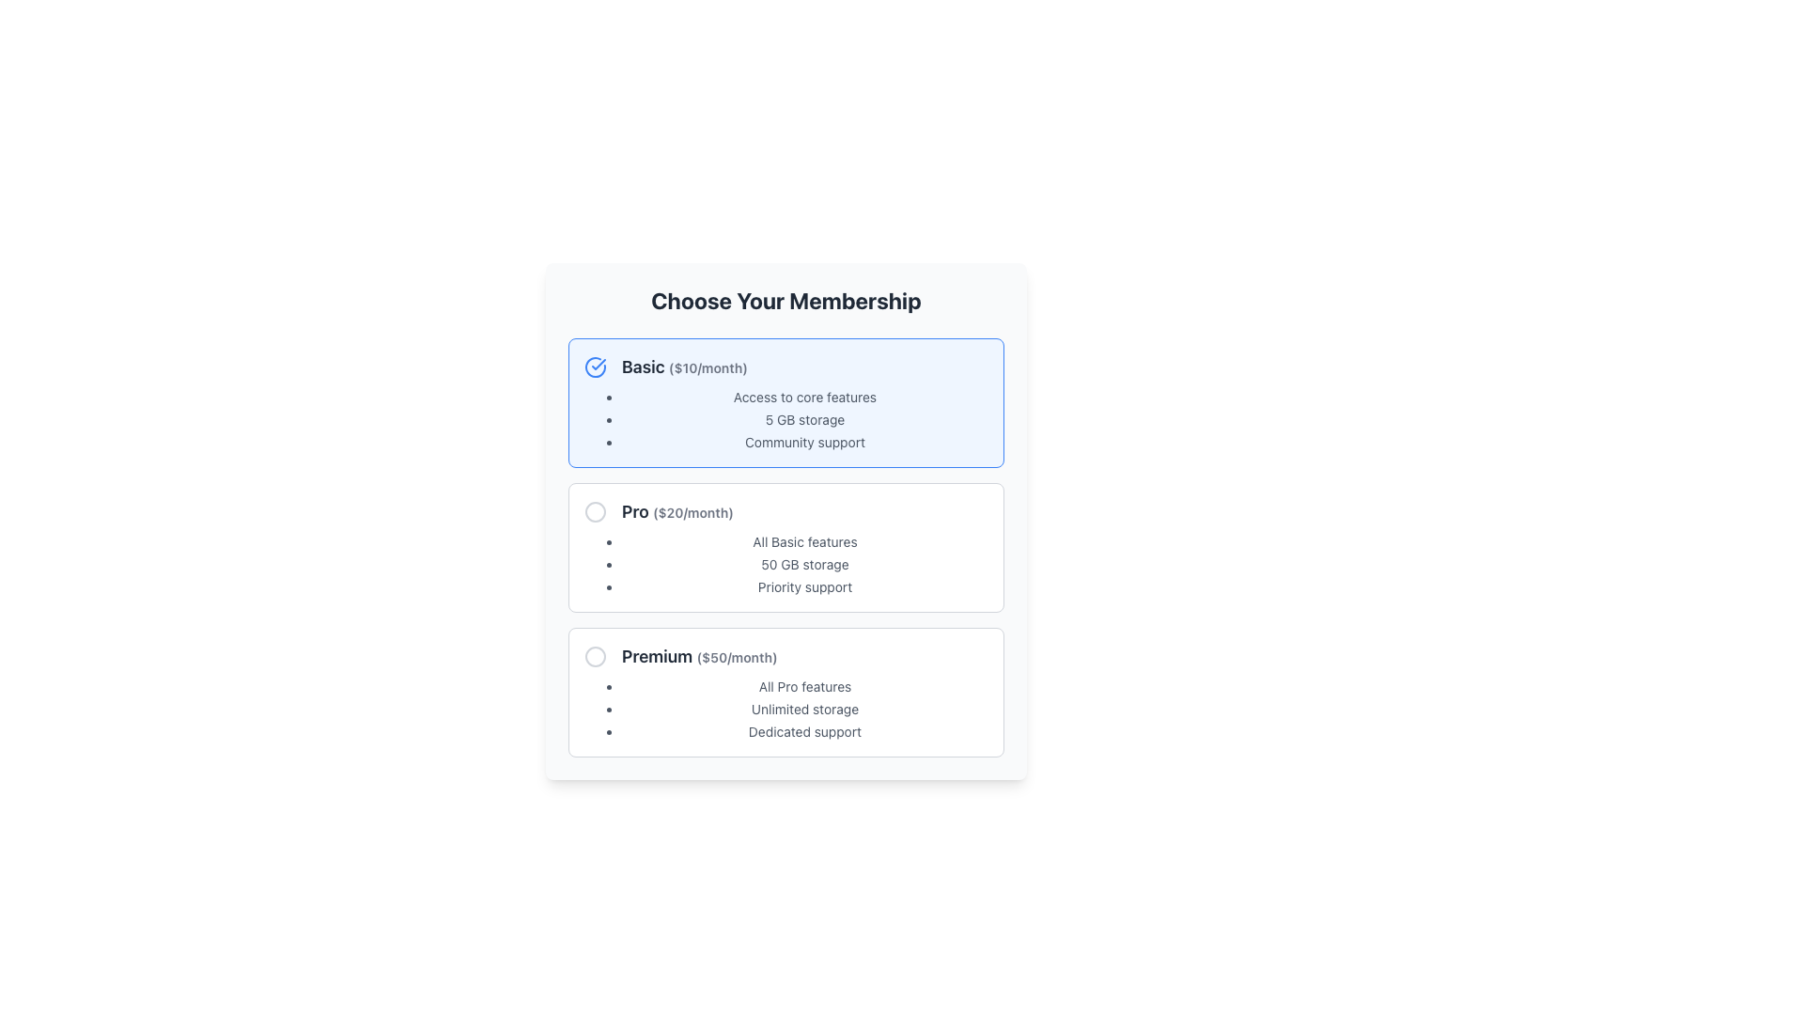  What do you see at coordinates (805, 586) in the screenshot?
I see `the third text label in the bullet list of the 'Pro ($20/month)' membership section, which provides information about the membership benefits` at bounding box center [805, 586].